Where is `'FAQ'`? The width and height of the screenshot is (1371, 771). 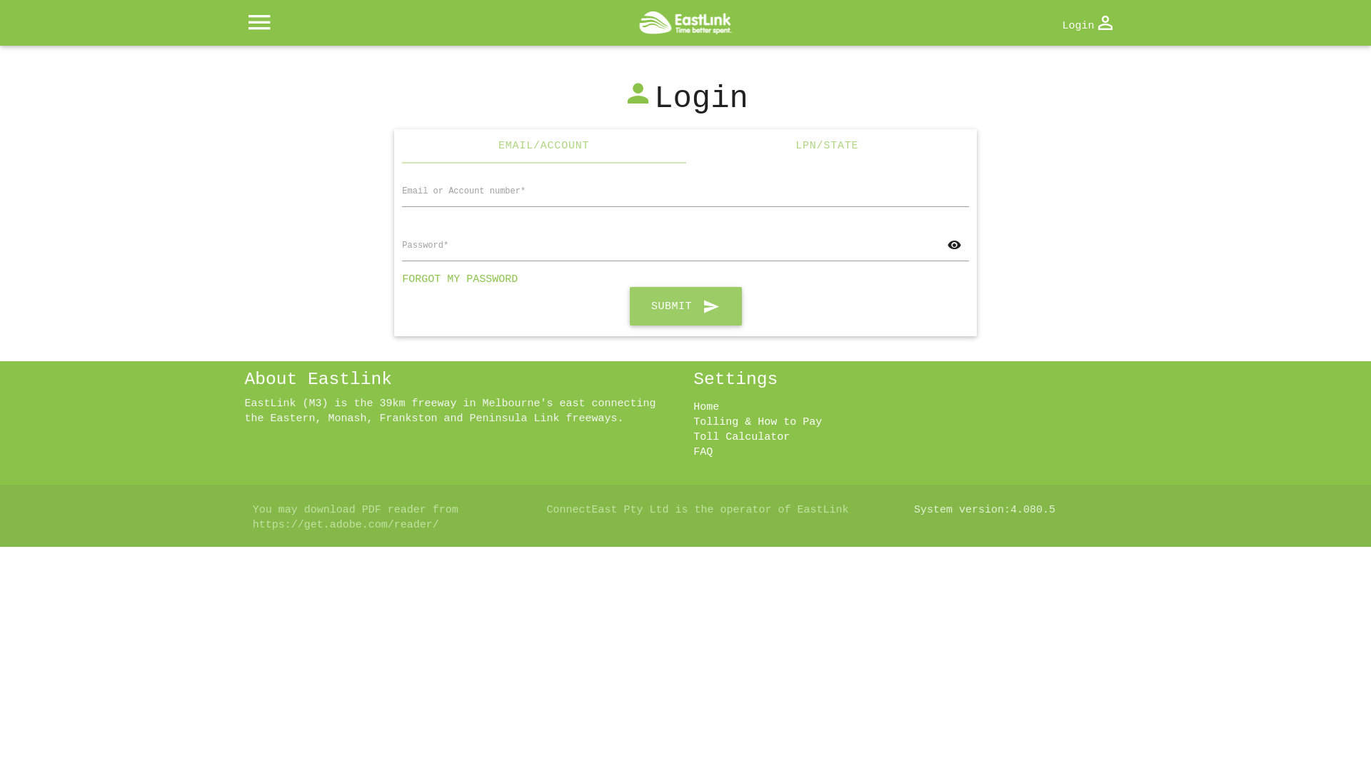
'FAQ' is located at coordinates (703, 452).